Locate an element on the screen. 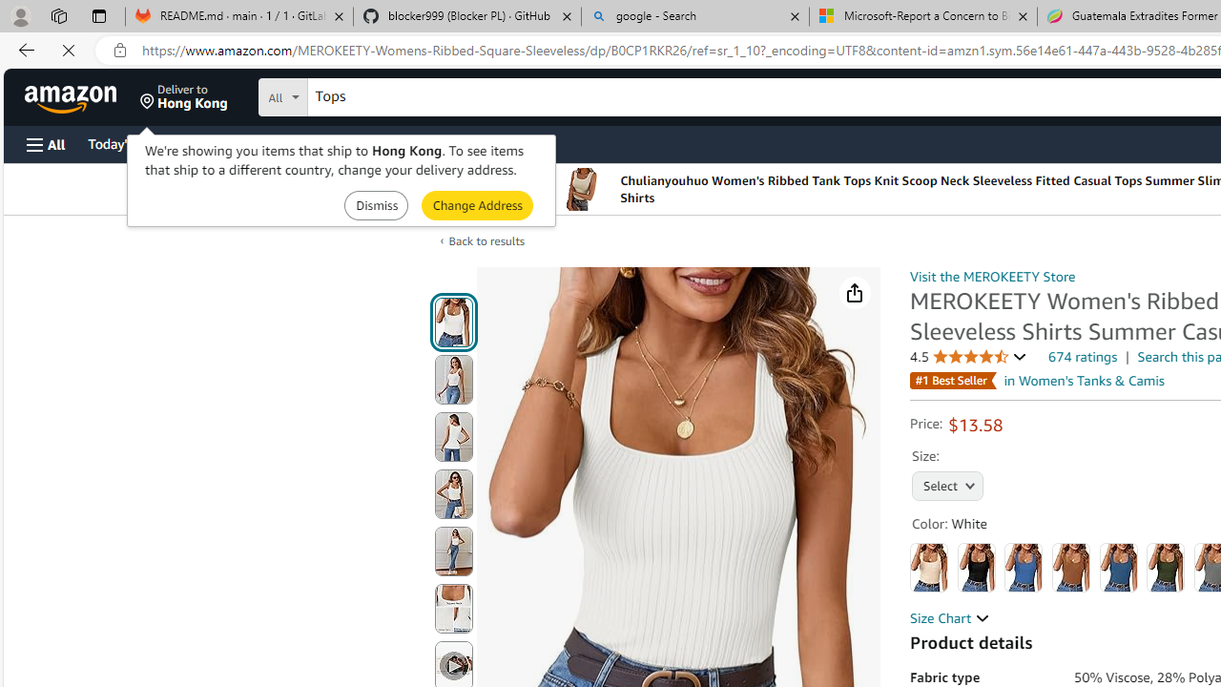  'Blue' is located at coordinates (1023, 567).